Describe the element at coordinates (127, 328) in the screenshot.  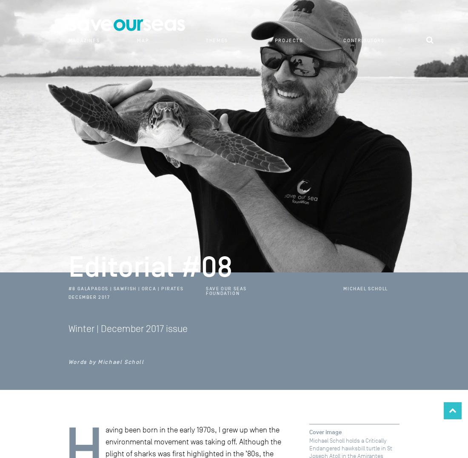
I see `'Winter | December 2017 issue'` at that location.